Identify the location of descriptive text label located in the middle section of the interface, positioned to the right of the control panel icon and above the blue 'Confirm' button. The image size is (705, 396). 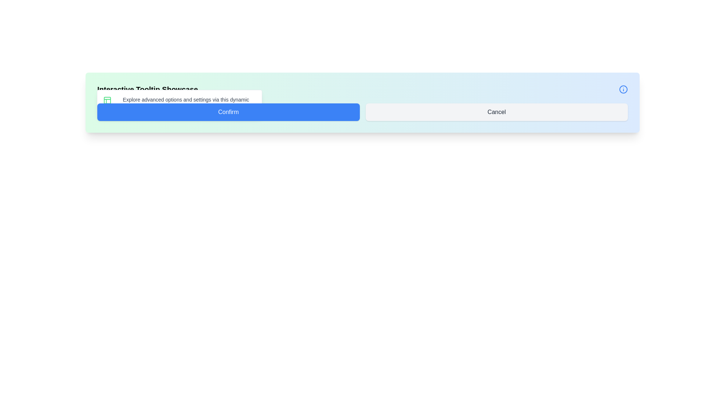
(186, 103).